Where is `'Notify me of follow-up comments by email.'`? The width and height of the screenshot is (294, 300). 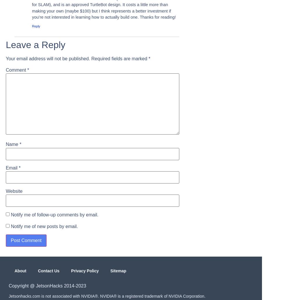 'Notify me of follow-up comments by email.' is located at coordinates (54, 214).